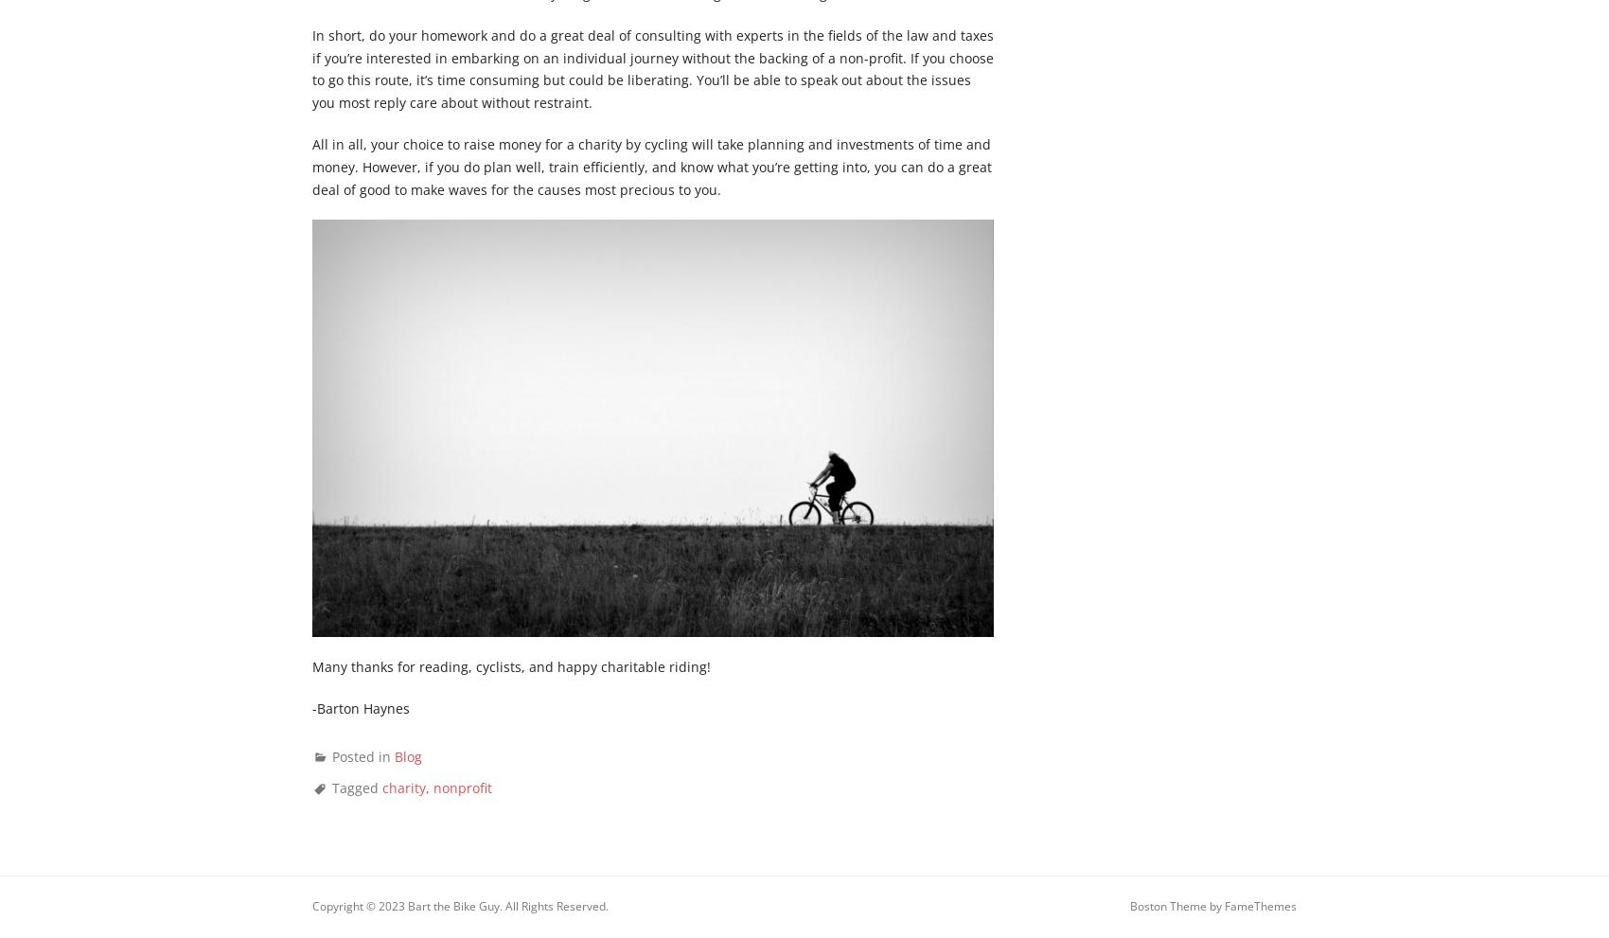 The image size is (1609, 938). What do you see at coordinates (652, 167) in the screenshot?
I see `'All in all, your choice to raise money for a charity by cycling will take planning and investments of time and money. However, if you do plan well, train efficiently, and know what you’re getting into, you can do a great deal of good to make waves for the causes most precious to you.'` at bounding box center [652, 167].